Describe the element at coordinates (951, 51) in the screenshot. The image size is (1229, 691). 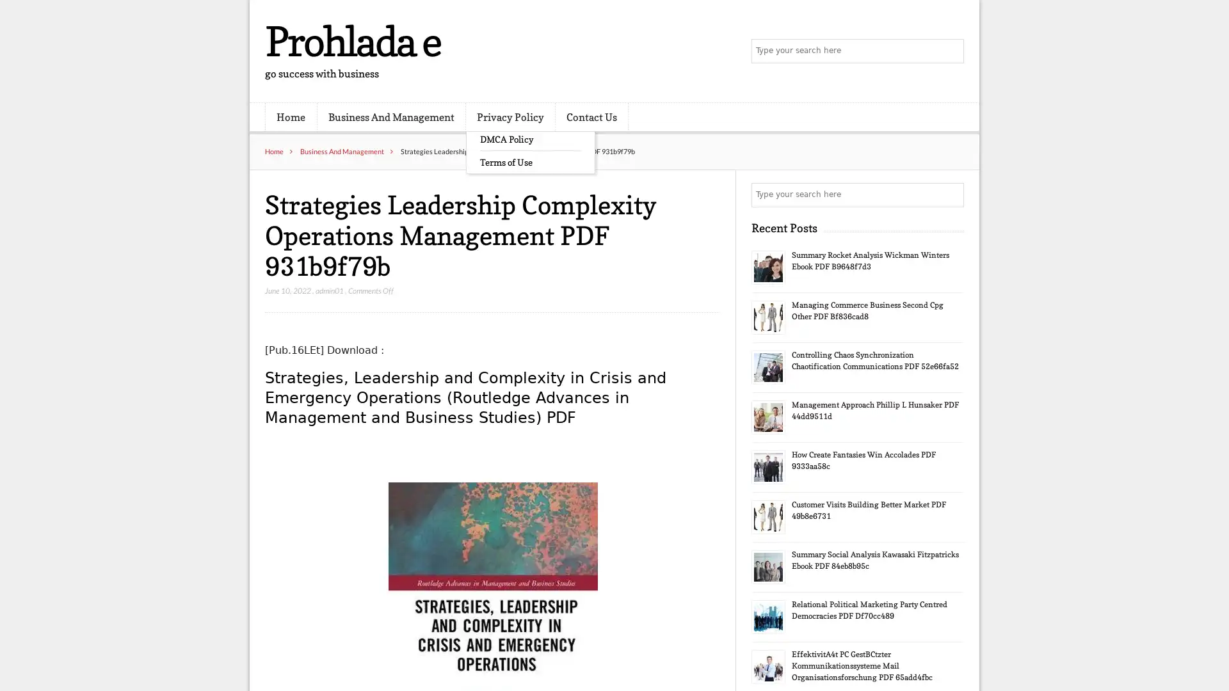
I see `Search` at that location.